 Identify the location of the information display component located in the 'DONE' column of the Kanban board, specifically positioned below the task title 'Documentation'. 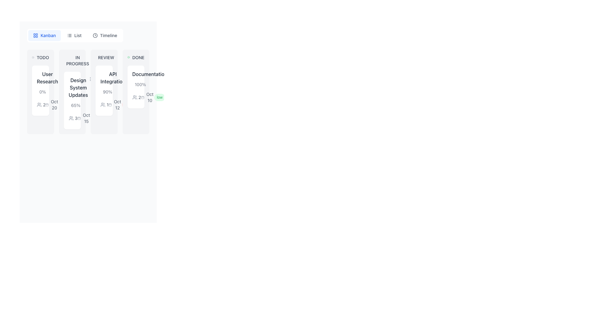
(136, 92).